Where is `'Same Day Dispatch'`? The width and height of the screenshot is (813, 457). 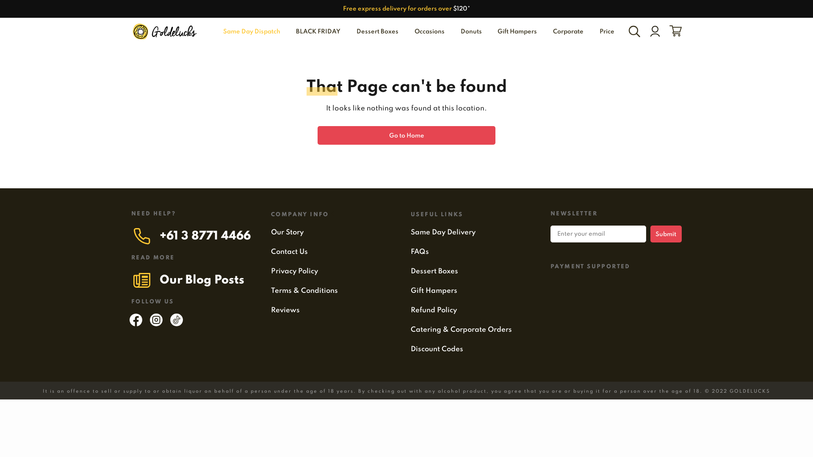
'Same Day Dispatch' is located at coordinates (250, 31).